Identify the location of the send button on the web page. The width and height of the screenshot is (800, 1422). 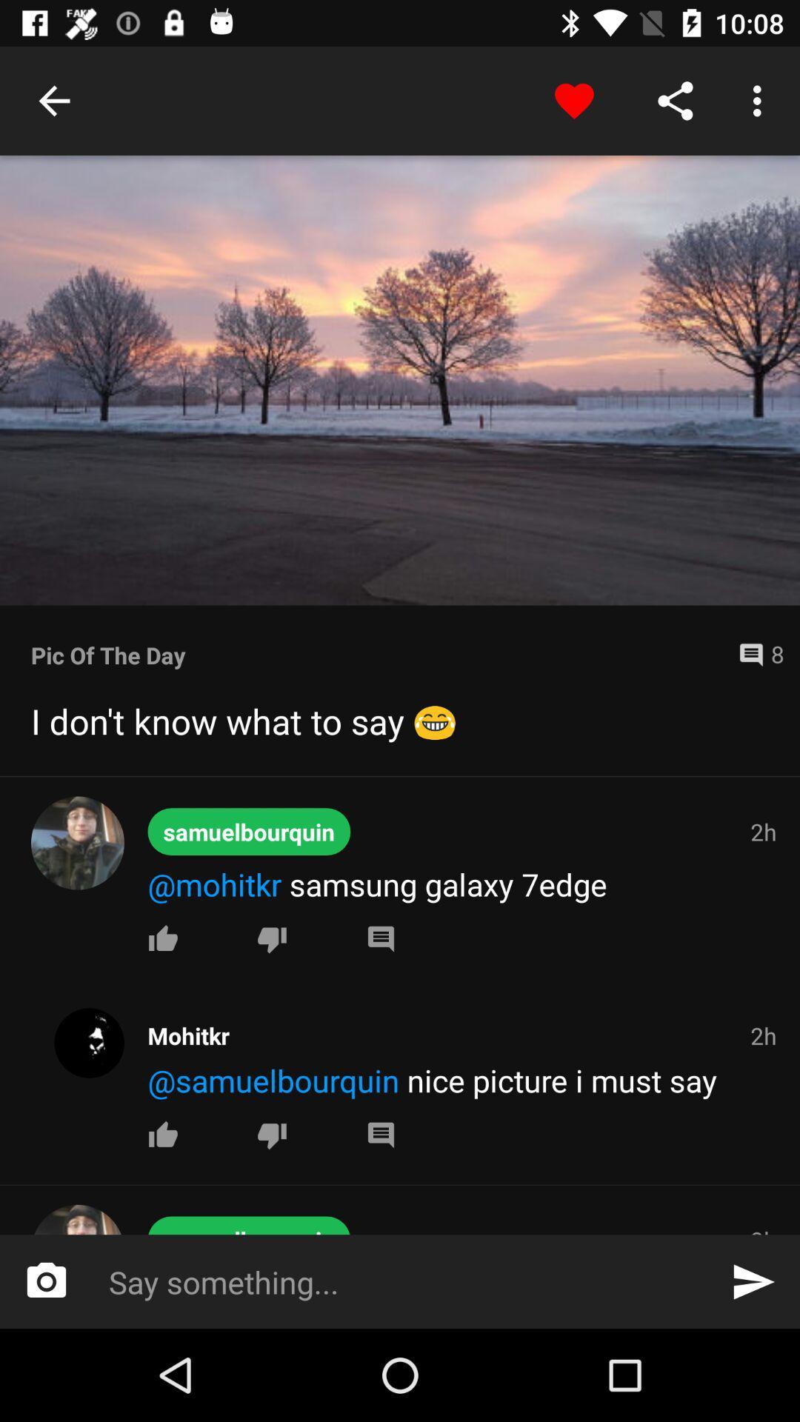
(753, 1281).